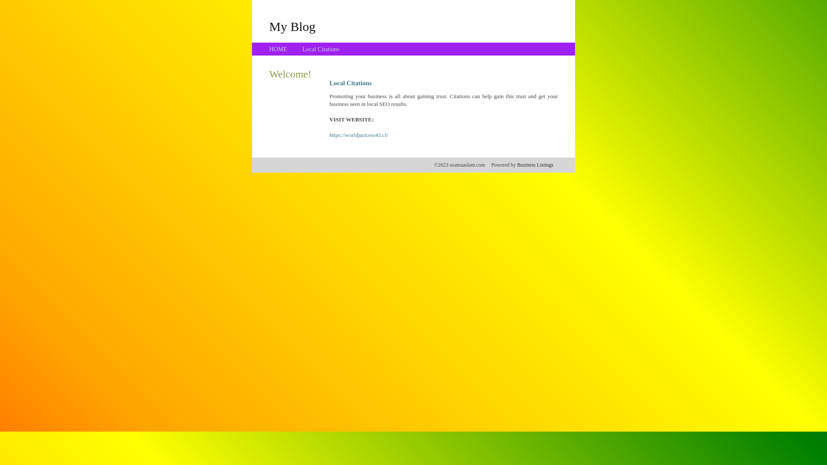 The height and width of the screenshot is (465, 827). I want to click on 'My Blog', so click(292, 26).